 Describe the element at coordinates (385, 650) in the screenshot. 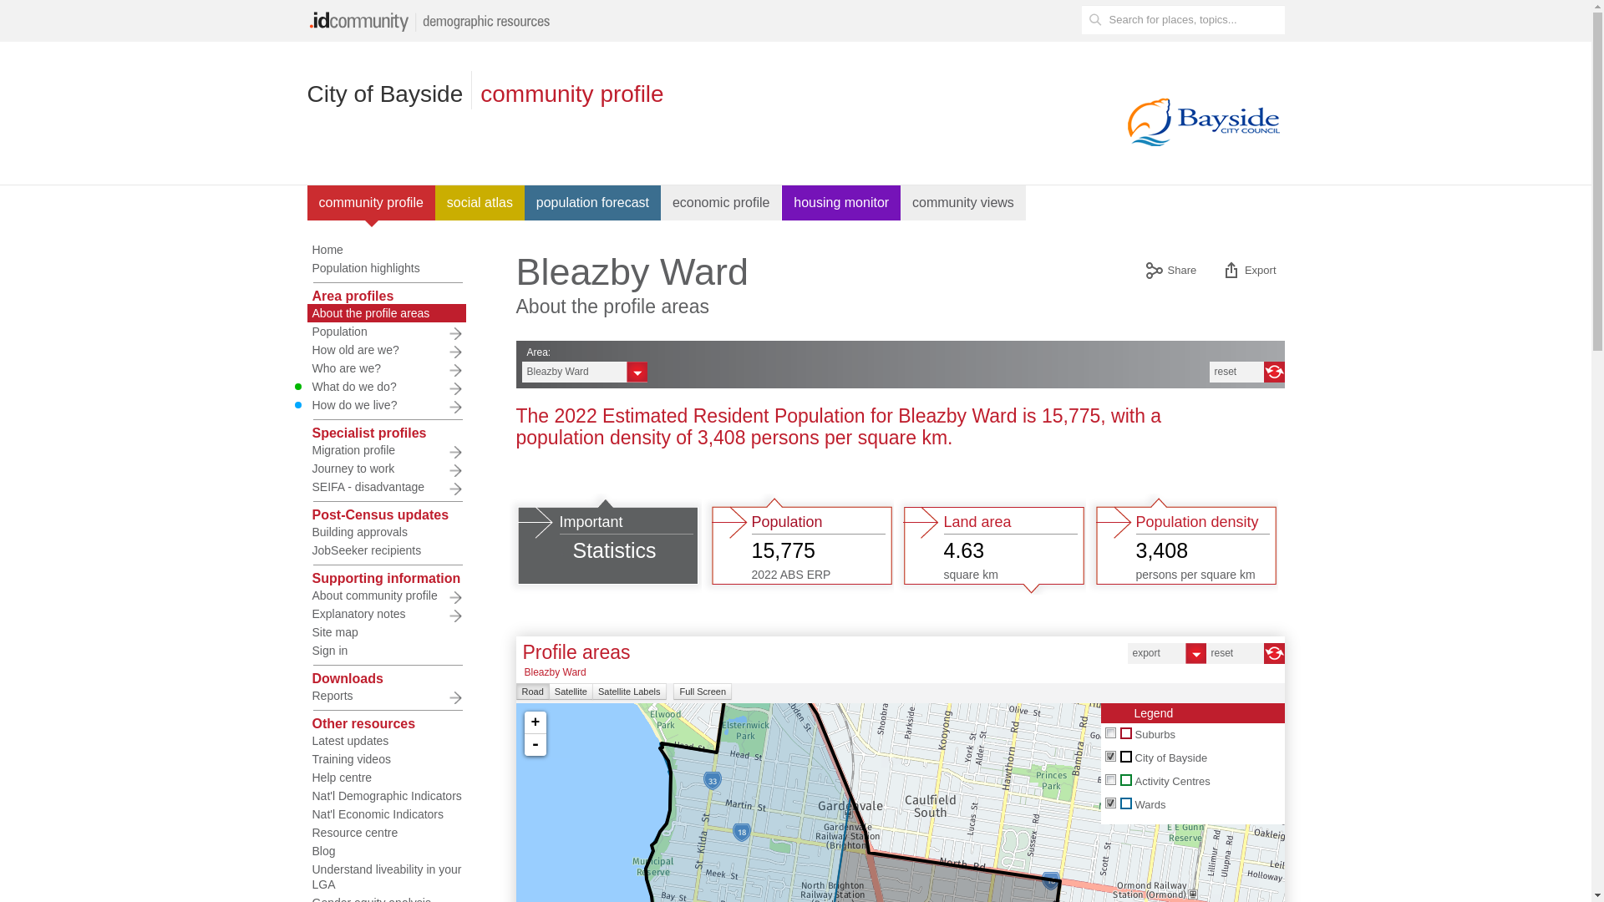

I see `'Sign in'` at that location.